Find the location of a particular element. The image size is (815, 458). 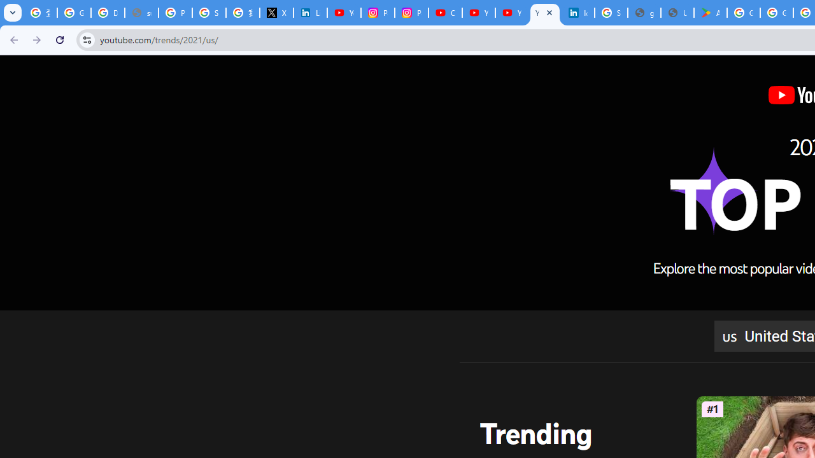

'Android Apps on Google Play' is located at coordinates (710, 13).